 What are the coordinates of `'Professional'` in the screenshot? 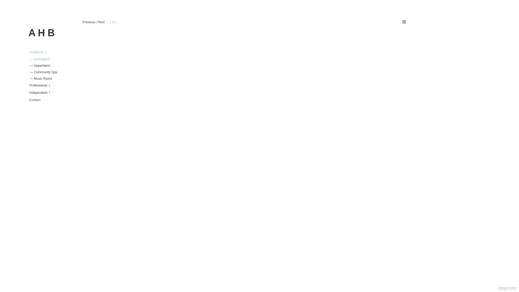 It's located at (39, 85).